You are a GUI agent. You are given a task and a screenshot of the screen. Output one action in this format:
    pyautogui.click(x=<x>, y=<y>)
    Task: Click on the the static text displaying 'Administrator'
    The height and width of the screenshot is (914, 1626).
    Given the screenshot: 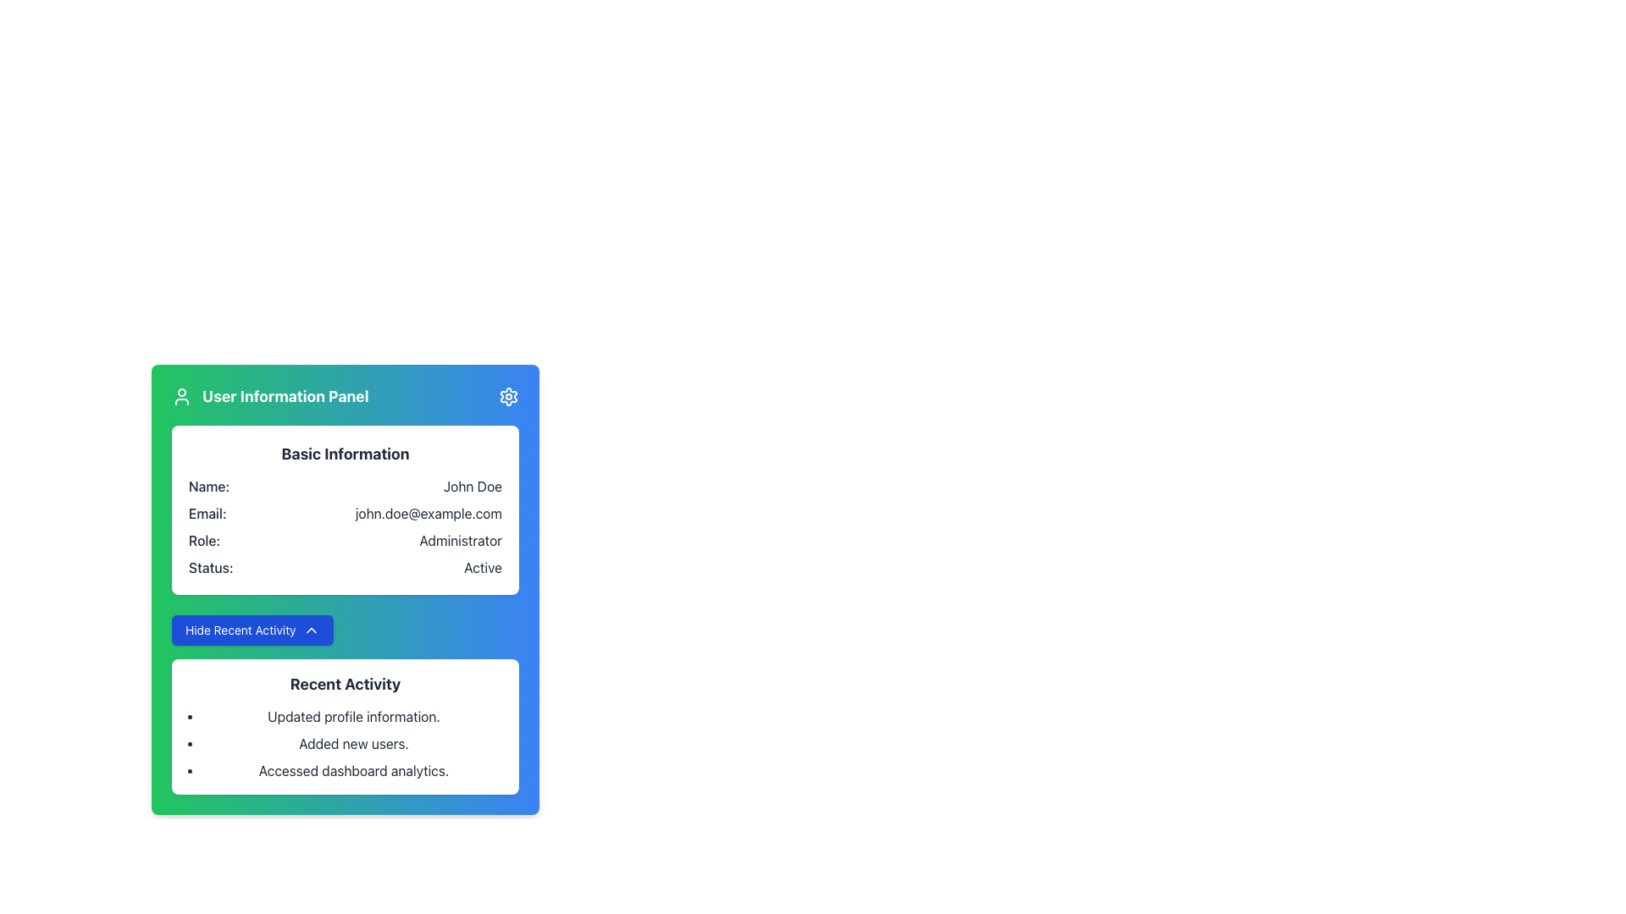 What is the action you would take?
    pyautogui.click(x=461, y=541)
    